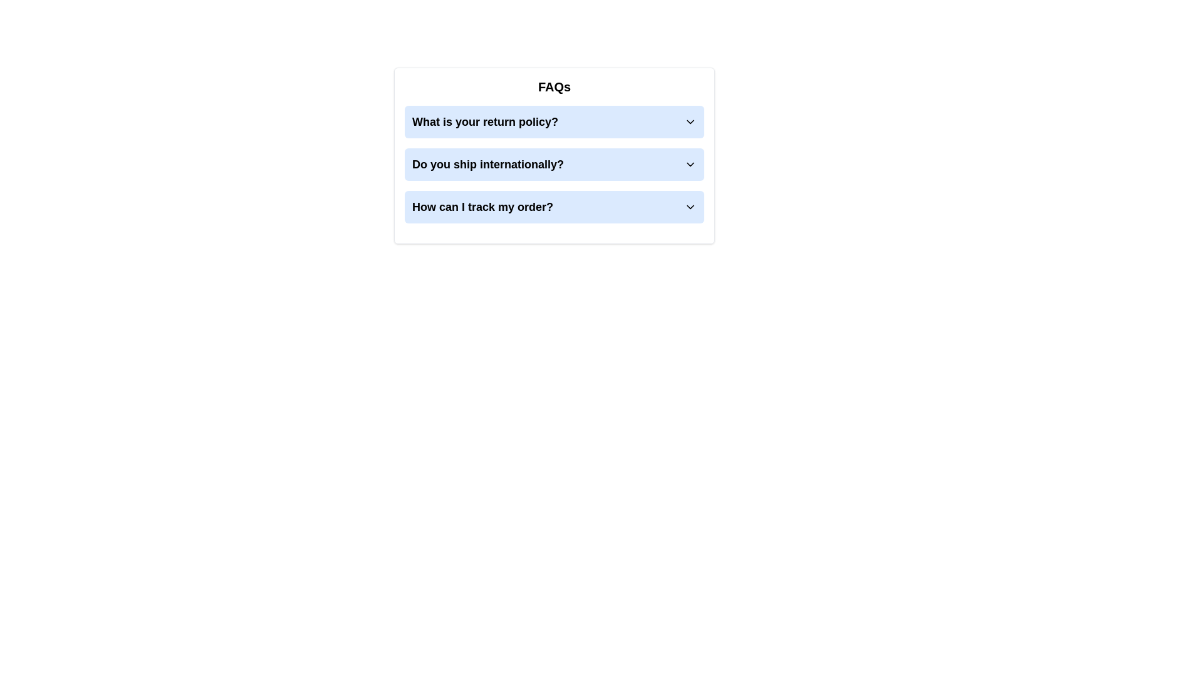 Image resolution: width=1203 pixels, height=676 pixels. Describe the element at coordinates (553, 163) in the screenshot. I see `the button labeled 'Do you ship internationally?' with a light blue background` at that location.